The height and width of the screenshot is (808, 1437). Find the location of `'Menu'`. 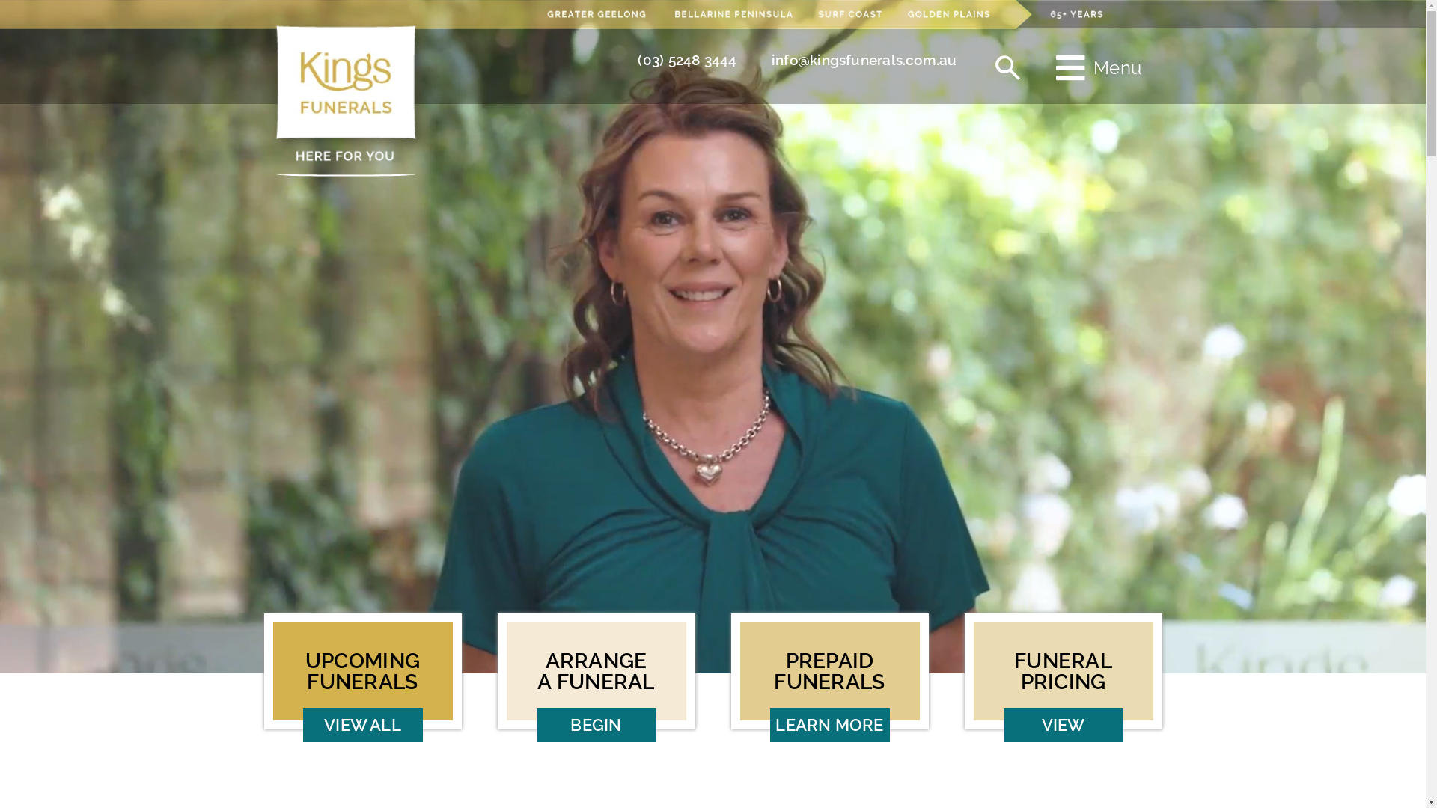

'Menu' is located at coordinates (1098, 68).